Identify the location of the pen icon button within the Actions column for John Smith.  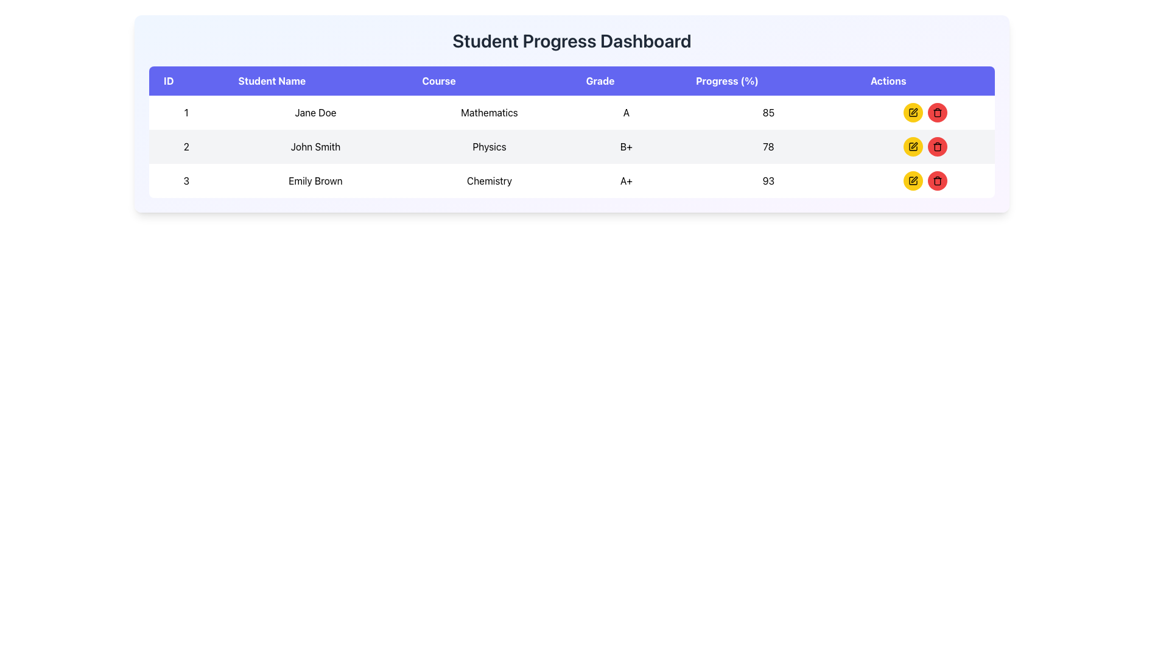
(913, 113).